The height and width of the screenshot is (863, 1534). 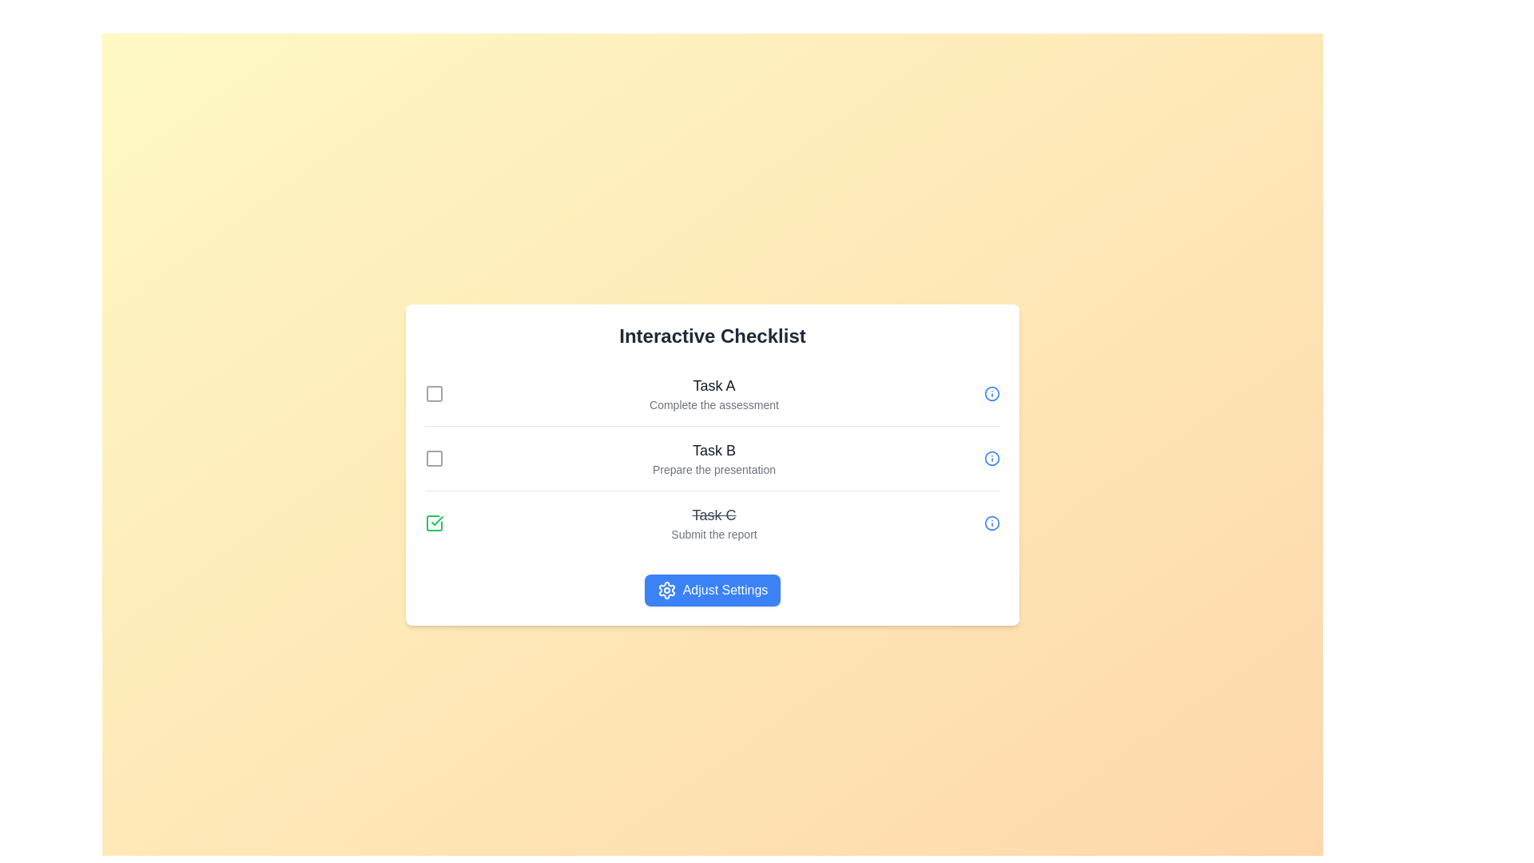 What do you see at coordinates (712, 591) in the screenshot?
I see `the 'Adjust Settings' button to navigate to the settings page` at bounding box center [712, 591].